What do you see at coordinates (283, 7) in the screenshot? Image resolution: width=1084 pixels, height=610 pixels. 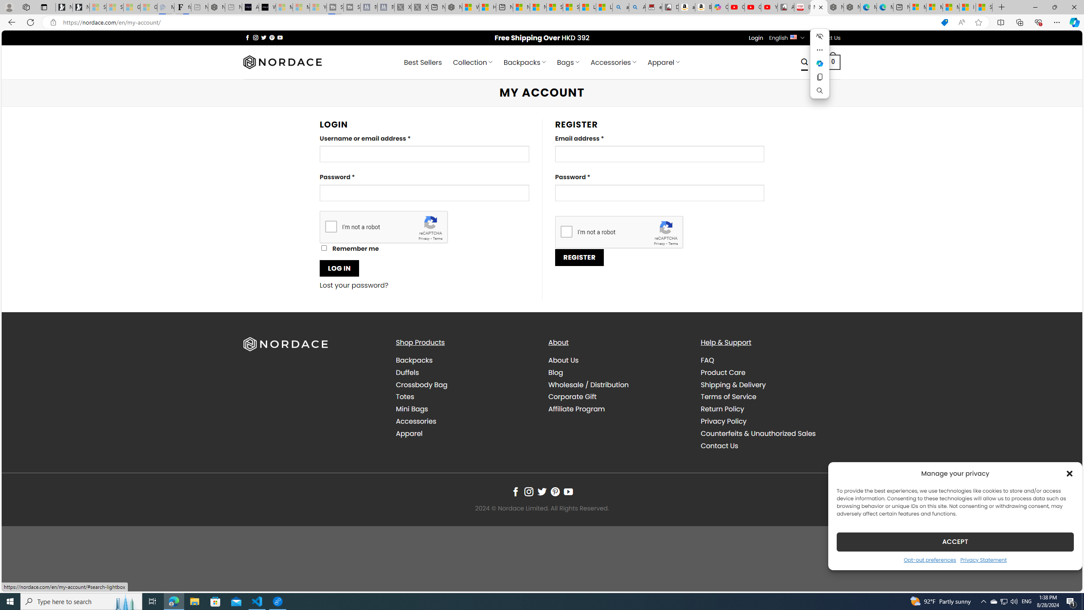 I see `'Microsoft Start Sports - Sleeping'` at bounding box center [283, 7].